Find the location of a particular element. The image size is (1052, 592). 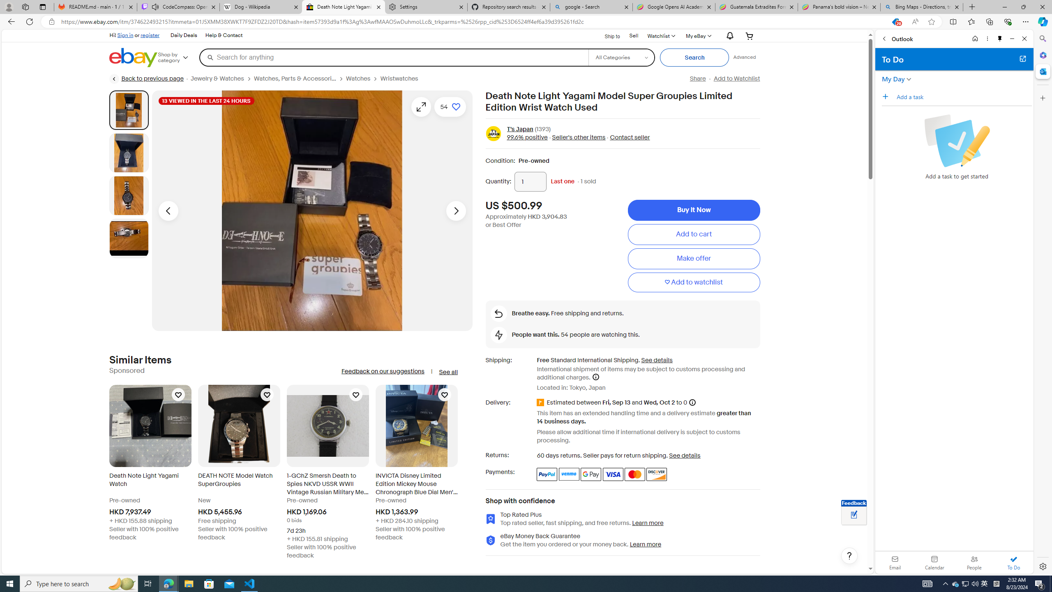

'Search for anything' is located at coordinates (393, 57).